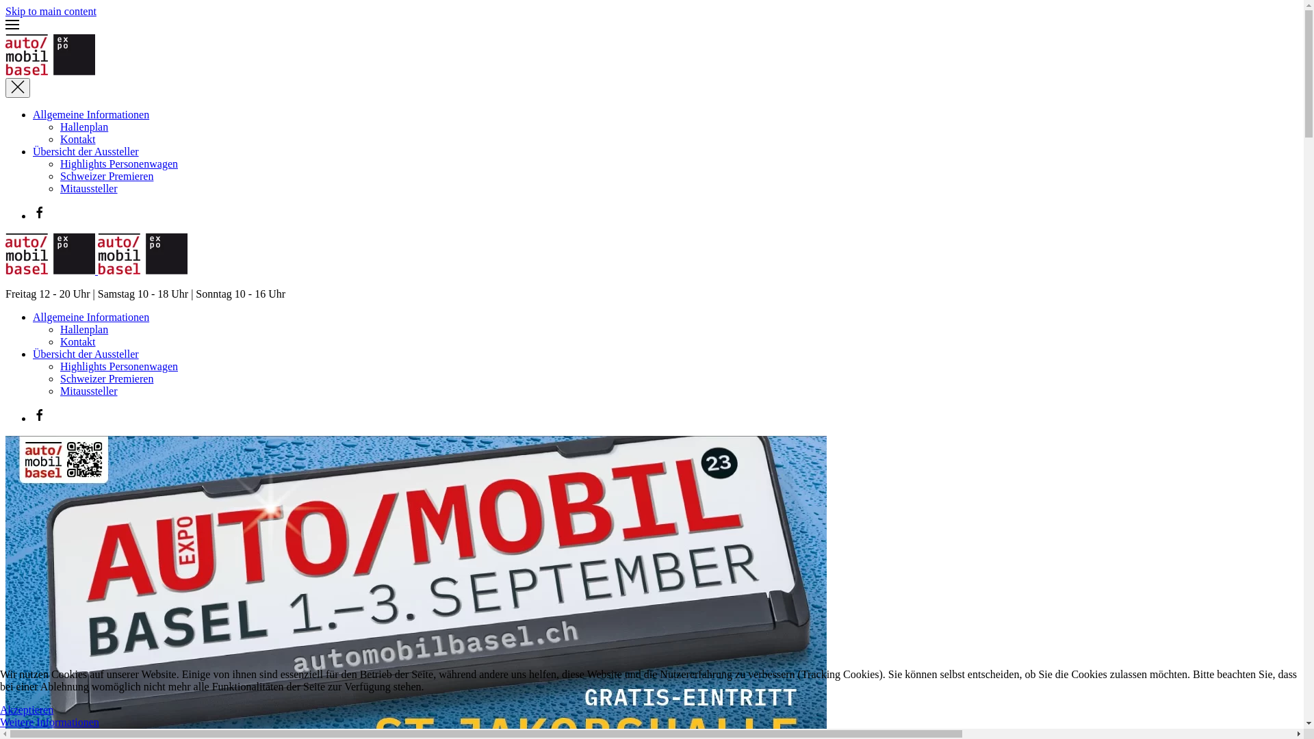  I want to click on 'Akzeptieren', so click(26, 709).